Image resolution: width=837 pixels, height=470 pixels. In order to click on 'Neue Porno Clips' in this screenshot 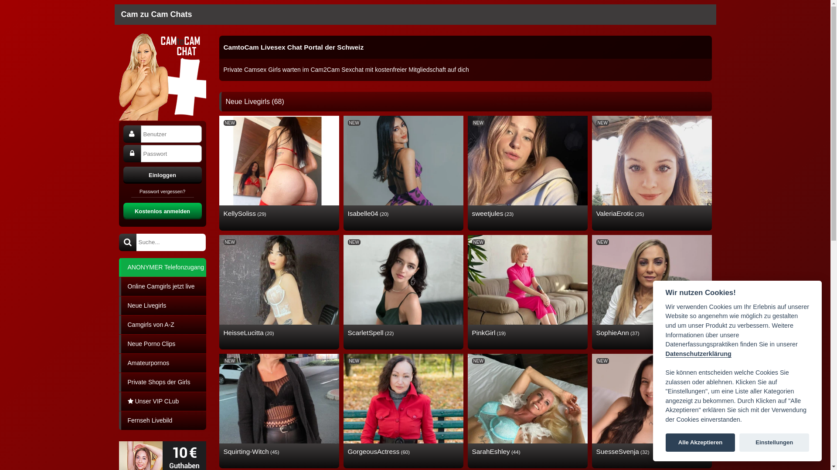, I will do `click(162, 343)`.